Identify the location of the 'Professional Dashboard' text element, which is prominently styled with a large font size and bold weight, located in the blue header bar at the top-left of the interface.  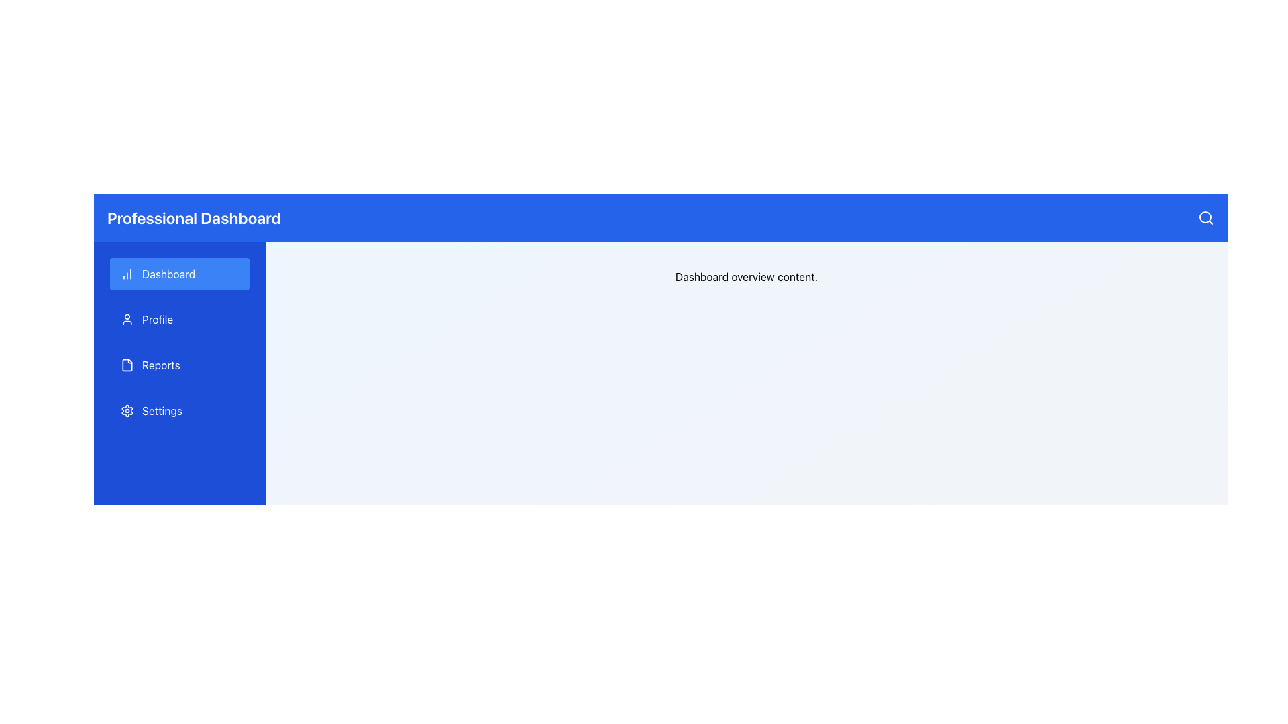
(193, 217).